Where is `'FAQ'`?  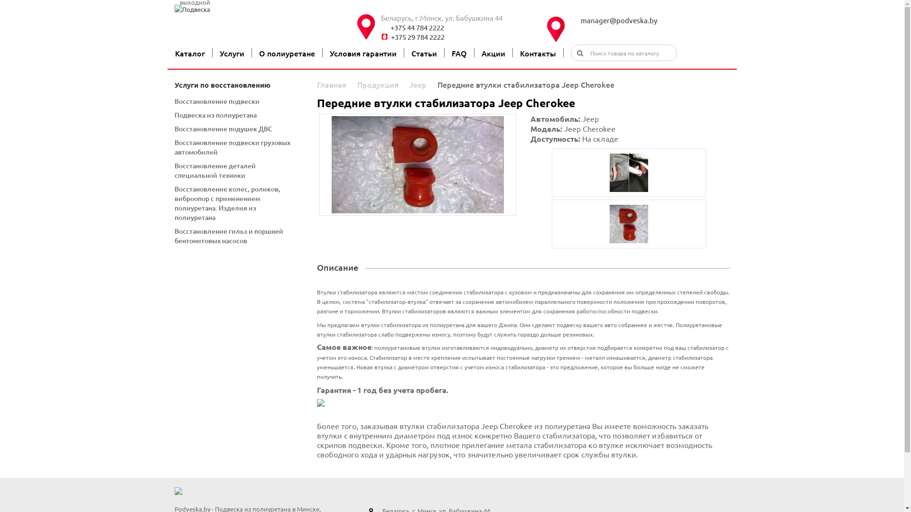 'FAQ' is located at coordinates (459, 53).